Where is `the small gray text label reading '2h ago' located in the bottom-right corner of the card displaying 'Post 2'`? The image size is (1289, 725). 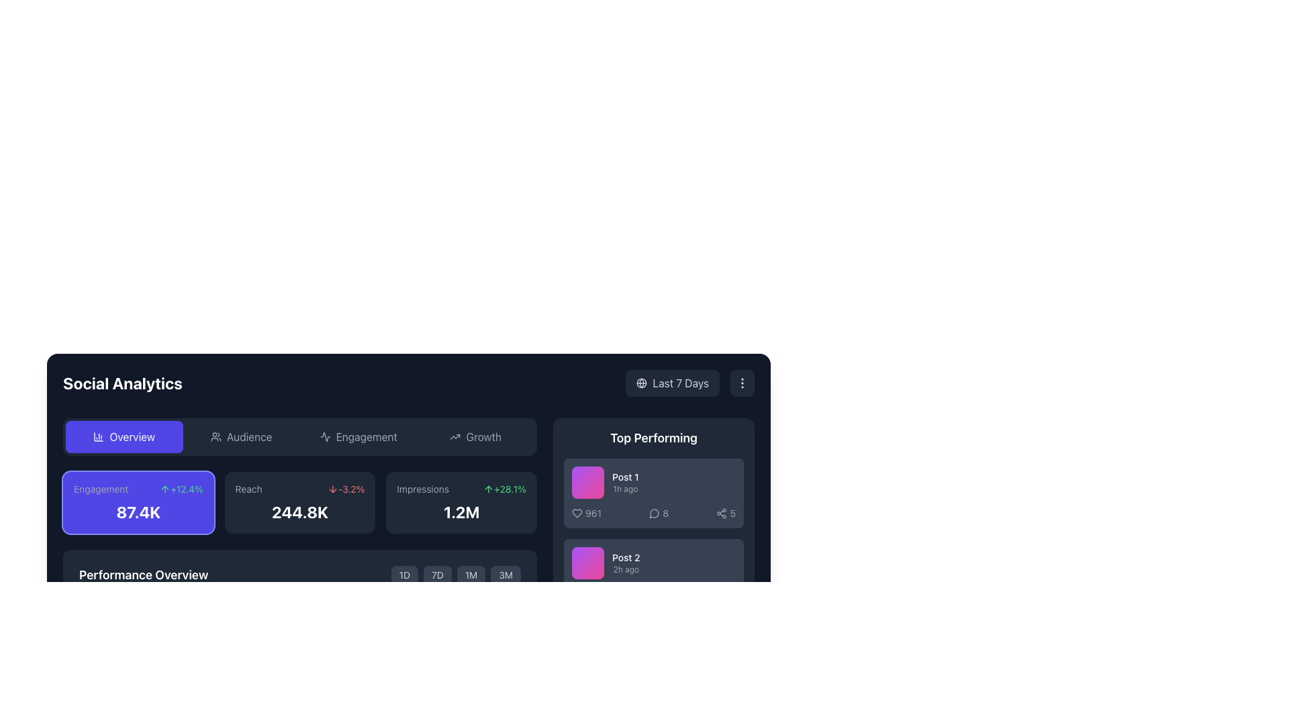 the small gray text label reading '2h ago' located in the bottom-right corner of the card displaying 'Post 2' is located at coordinates (625, 569).